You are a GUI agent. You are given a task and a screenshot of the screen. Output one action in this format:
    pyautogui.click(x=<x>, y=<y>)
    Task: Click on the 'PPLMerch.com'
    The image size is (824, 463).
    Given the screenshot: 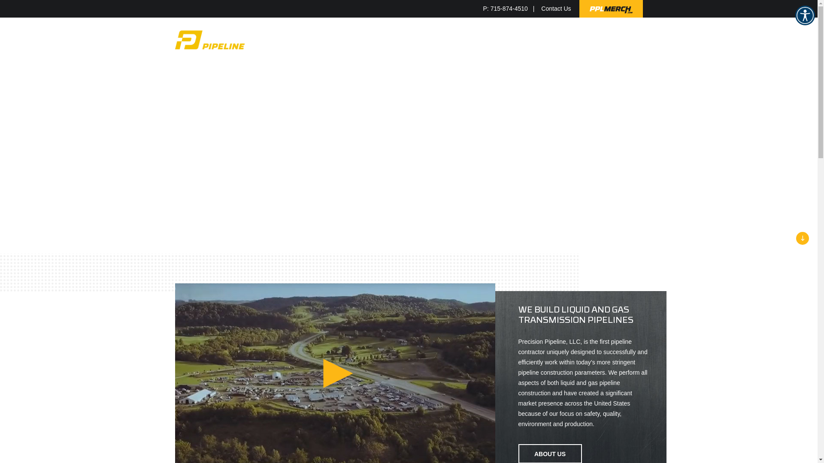 What is the action you would take?
    pyautogui.click(x=611, y=9)
    